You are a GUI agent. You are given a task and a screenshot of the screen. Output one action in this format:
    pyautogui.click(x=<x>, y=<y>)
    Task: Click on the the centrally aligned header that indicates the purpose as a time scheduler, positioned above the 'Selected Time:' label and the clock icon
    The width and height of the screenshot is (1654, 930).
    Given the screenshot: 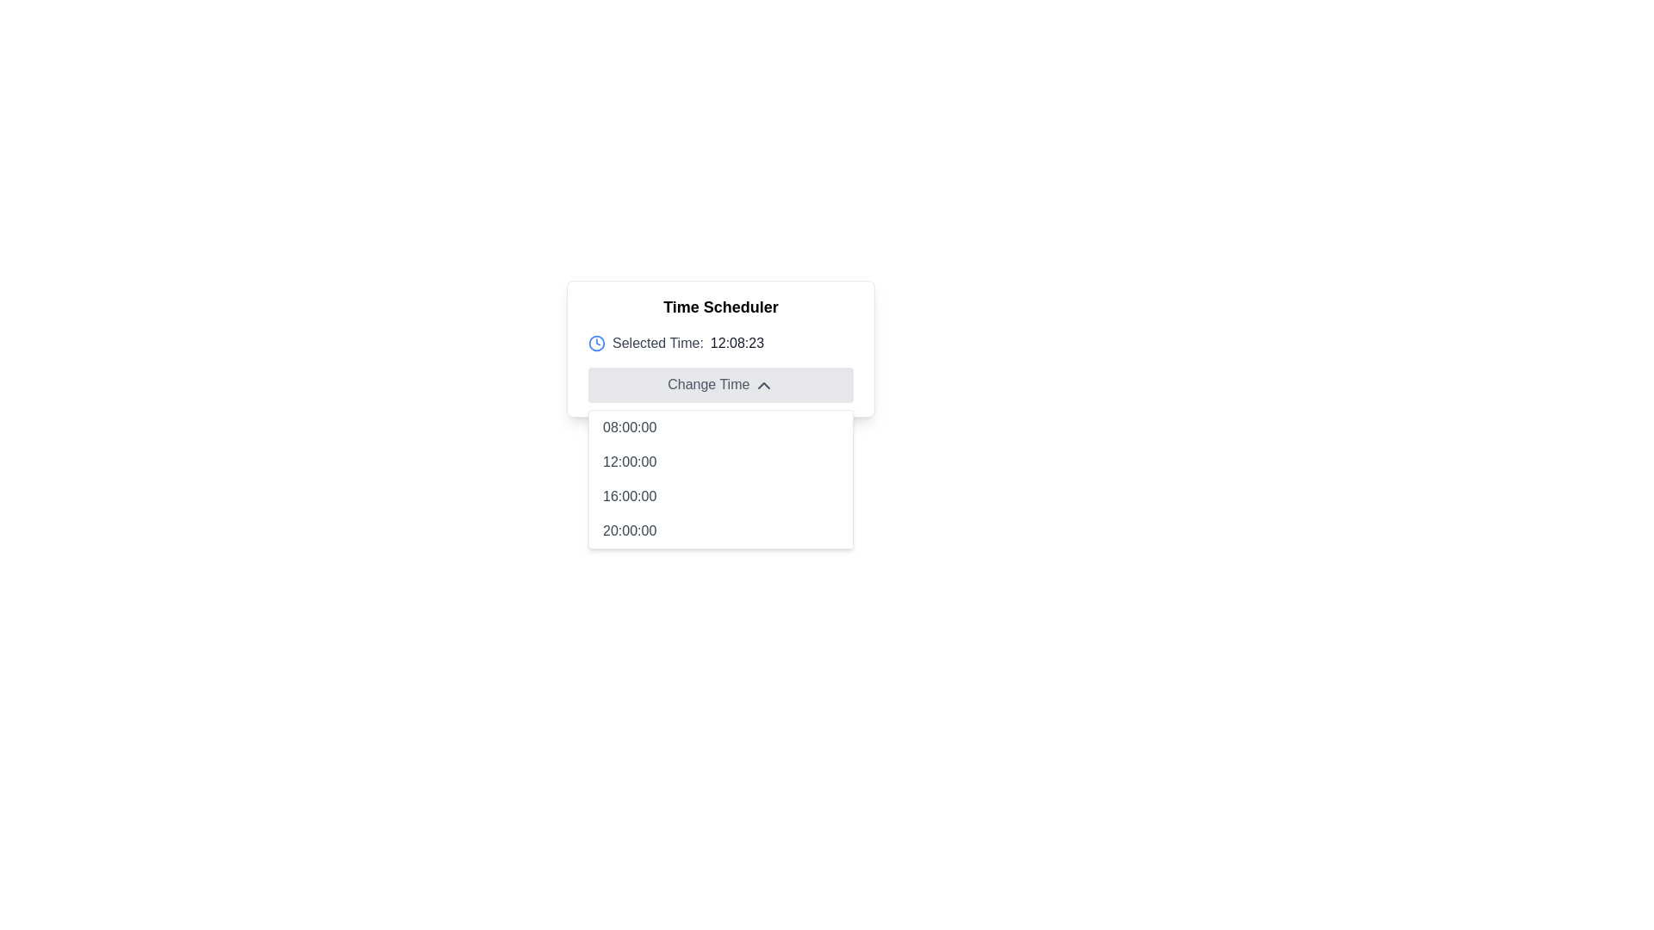 What is the action you would take?
    pyautogui.click(x=720, y=307)
    